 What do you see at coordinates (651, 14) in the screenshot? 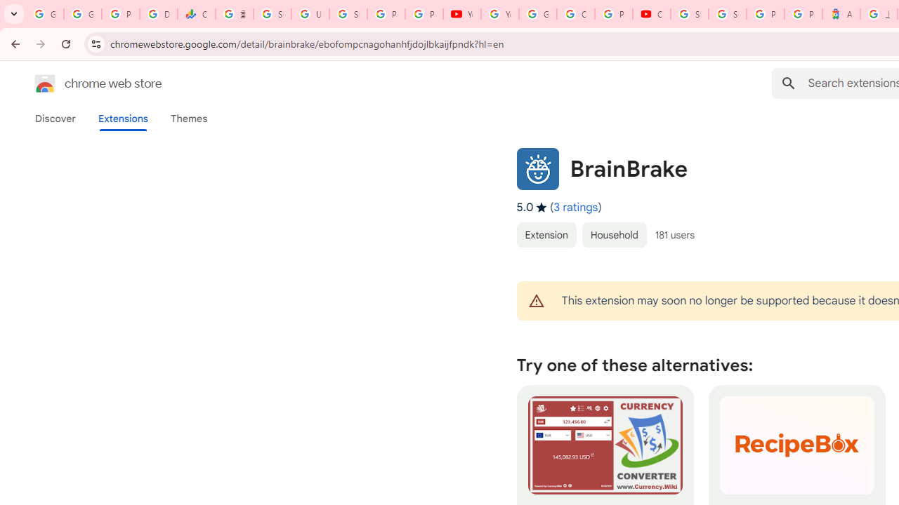
I see `'Content Creator Programs & Opportunities - YouTube Creators'` at bounding box center [651, 14].